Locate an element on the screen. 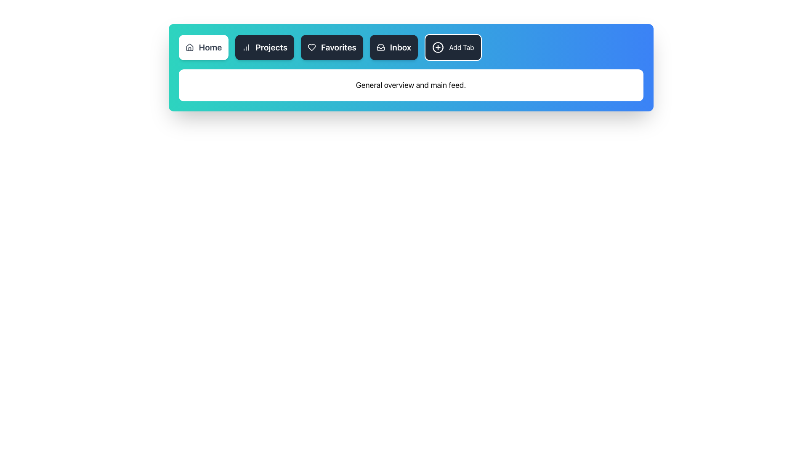 This screenshot has height=454, width=808. the stylized inbox icon located to the left of the 'Inbox' text in the top navigation bar is located at coordinates (380, 47).